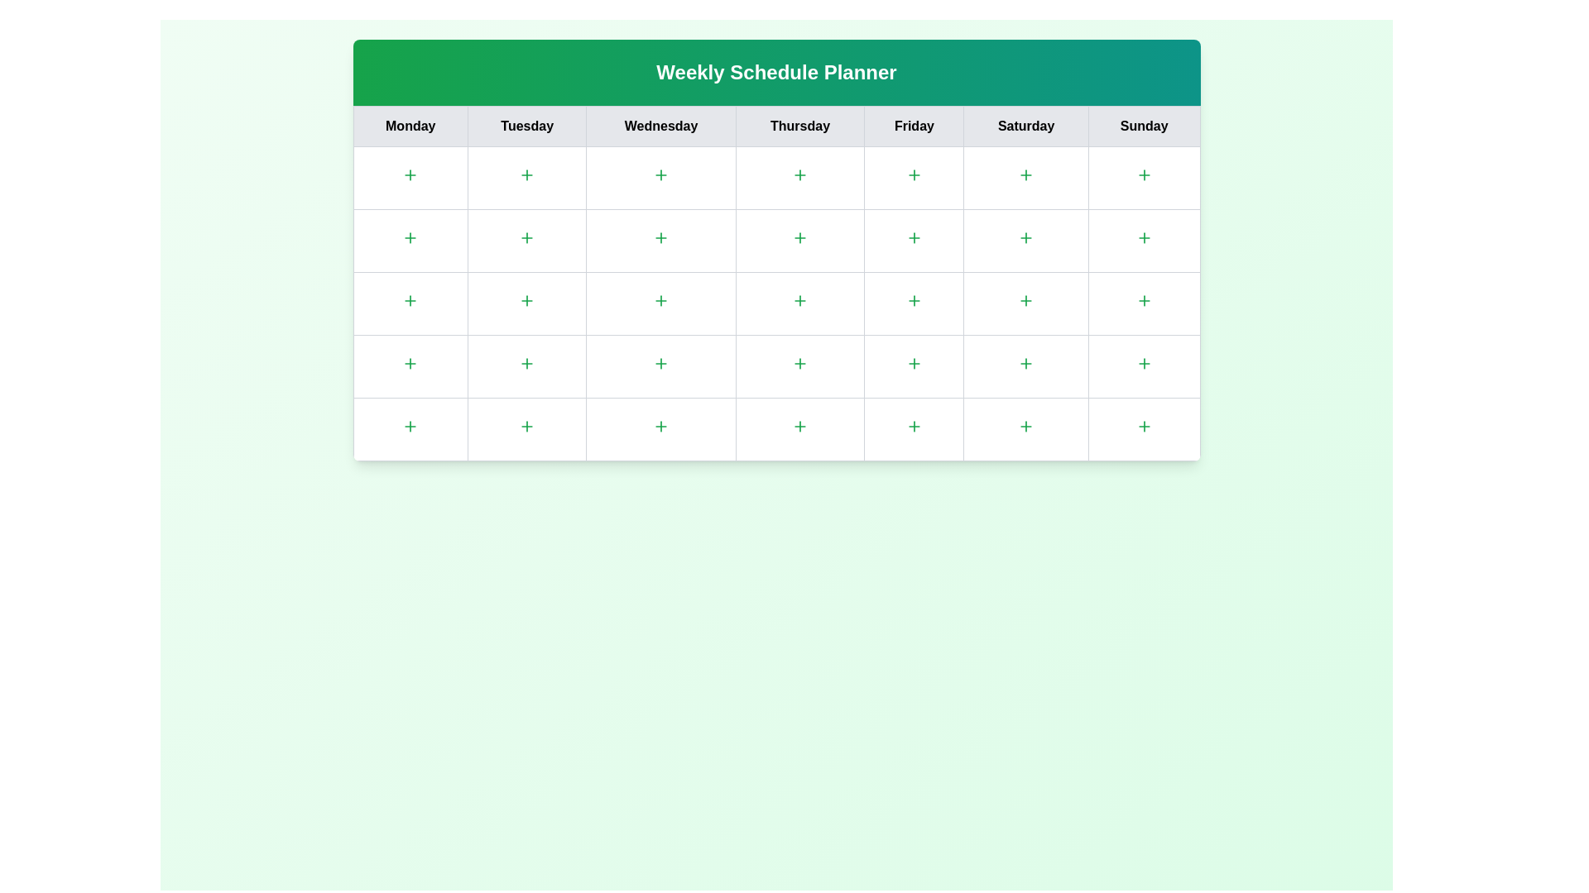 Image resolution: width=1589 pixels, height=893 pixels. Describe the element at coordinates (1143, 126) in the screenshot. I see `the column header for Sunday` at that location.